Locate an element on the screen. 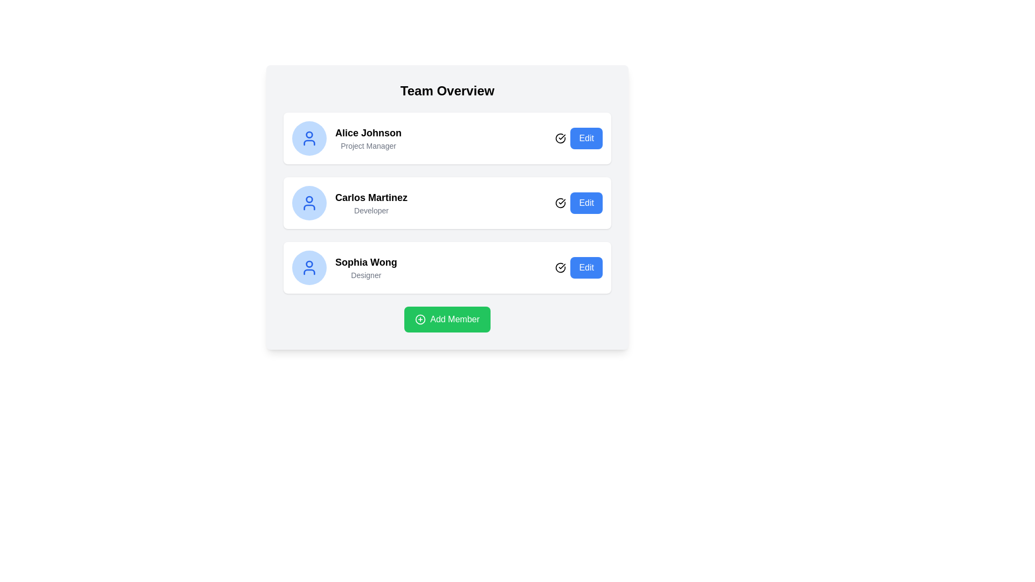  the button that initiates the addition of a new team member to observe the hover effect is located at coordinates (447, 319).